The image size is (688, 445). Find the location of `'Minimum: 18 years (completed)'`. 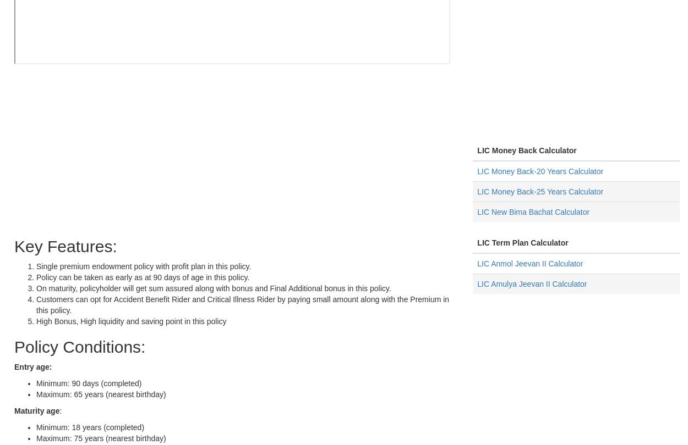

'Minimum: 18 years (completed)' is located at coordinates (90, 427).